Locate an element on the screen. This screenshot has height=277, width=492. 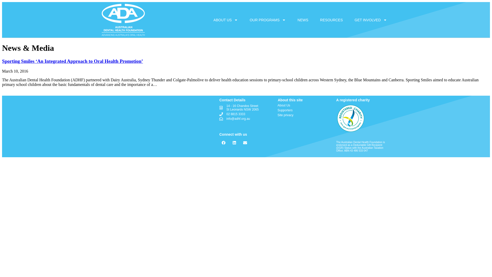
'Site privacy' is located at coordinates (303, 115).